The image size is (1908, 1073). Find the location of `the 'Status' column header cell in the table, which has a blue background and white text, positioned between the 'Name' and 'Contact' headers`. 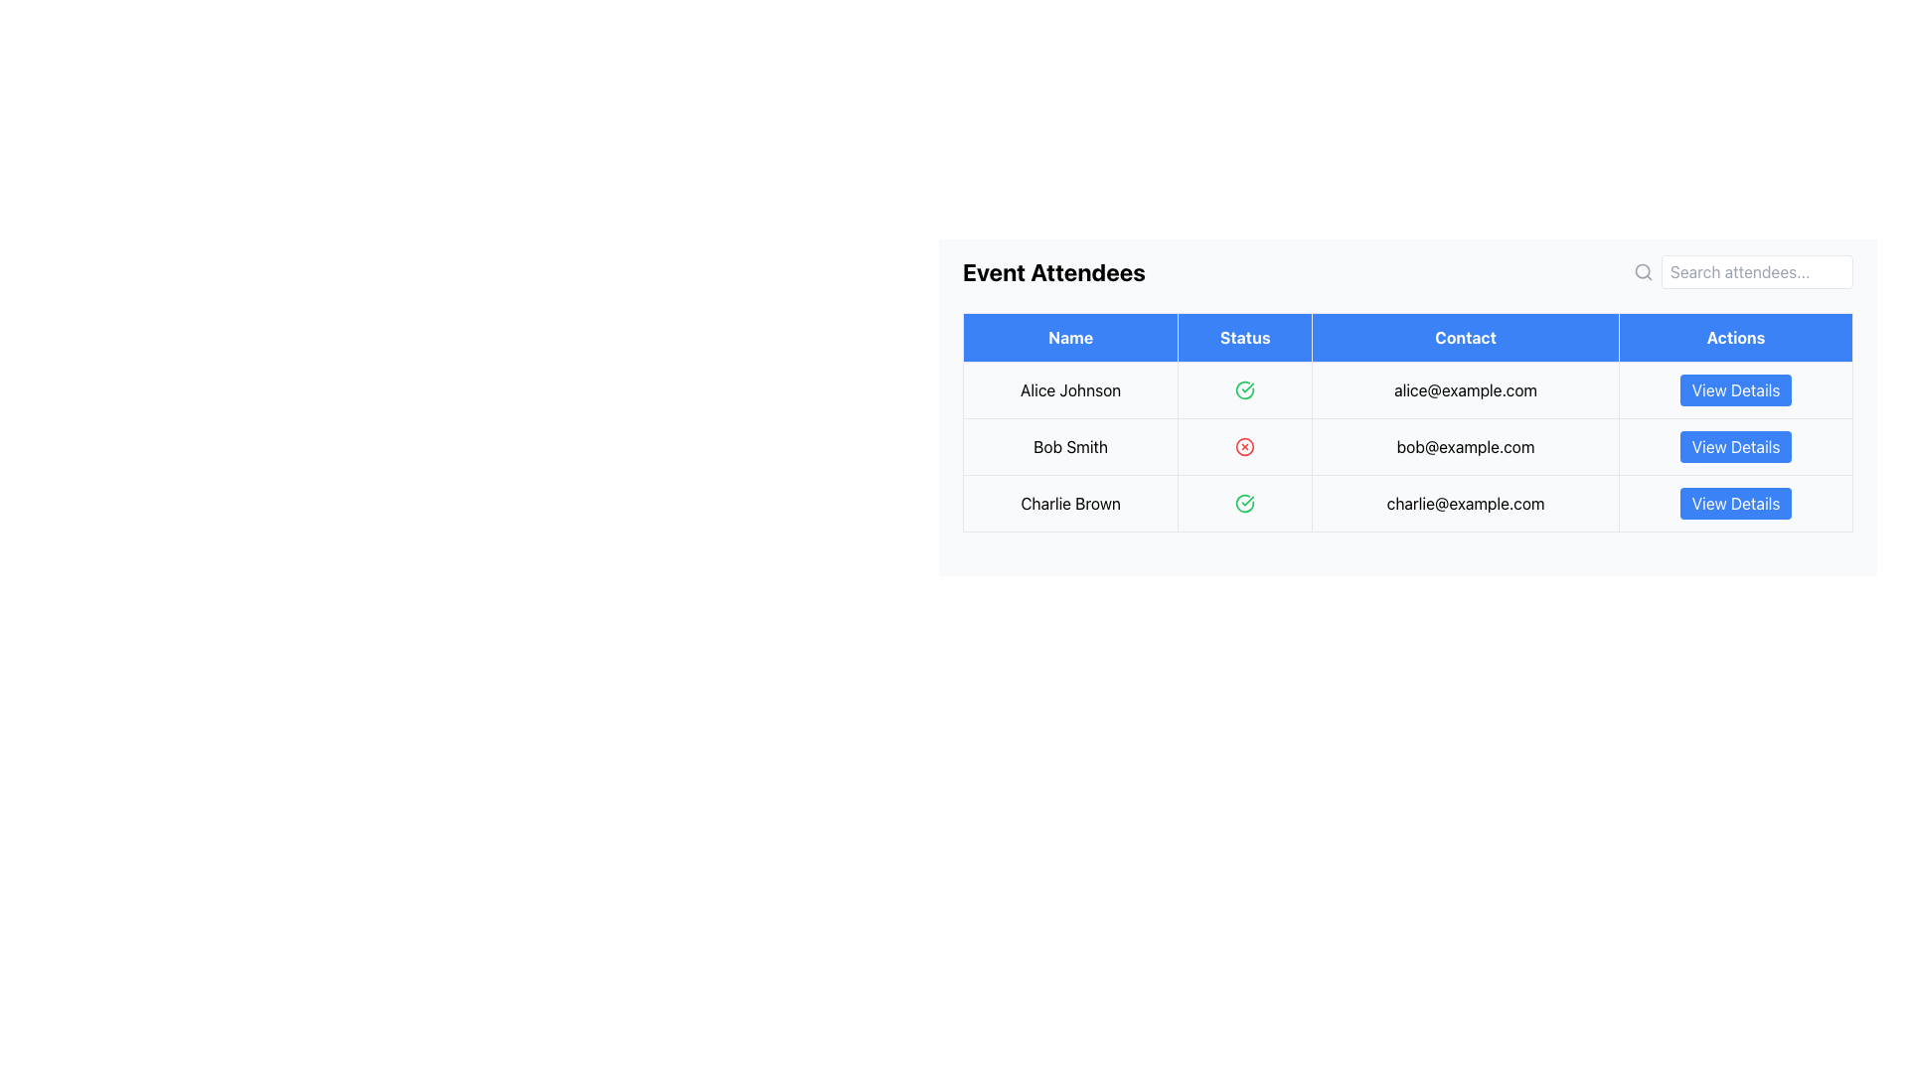

the 'Status' column header cell in the table, which has a blue background and white text, positioned between the 'Name' and 'Contact' headers is located at coordinates (1244, 336).